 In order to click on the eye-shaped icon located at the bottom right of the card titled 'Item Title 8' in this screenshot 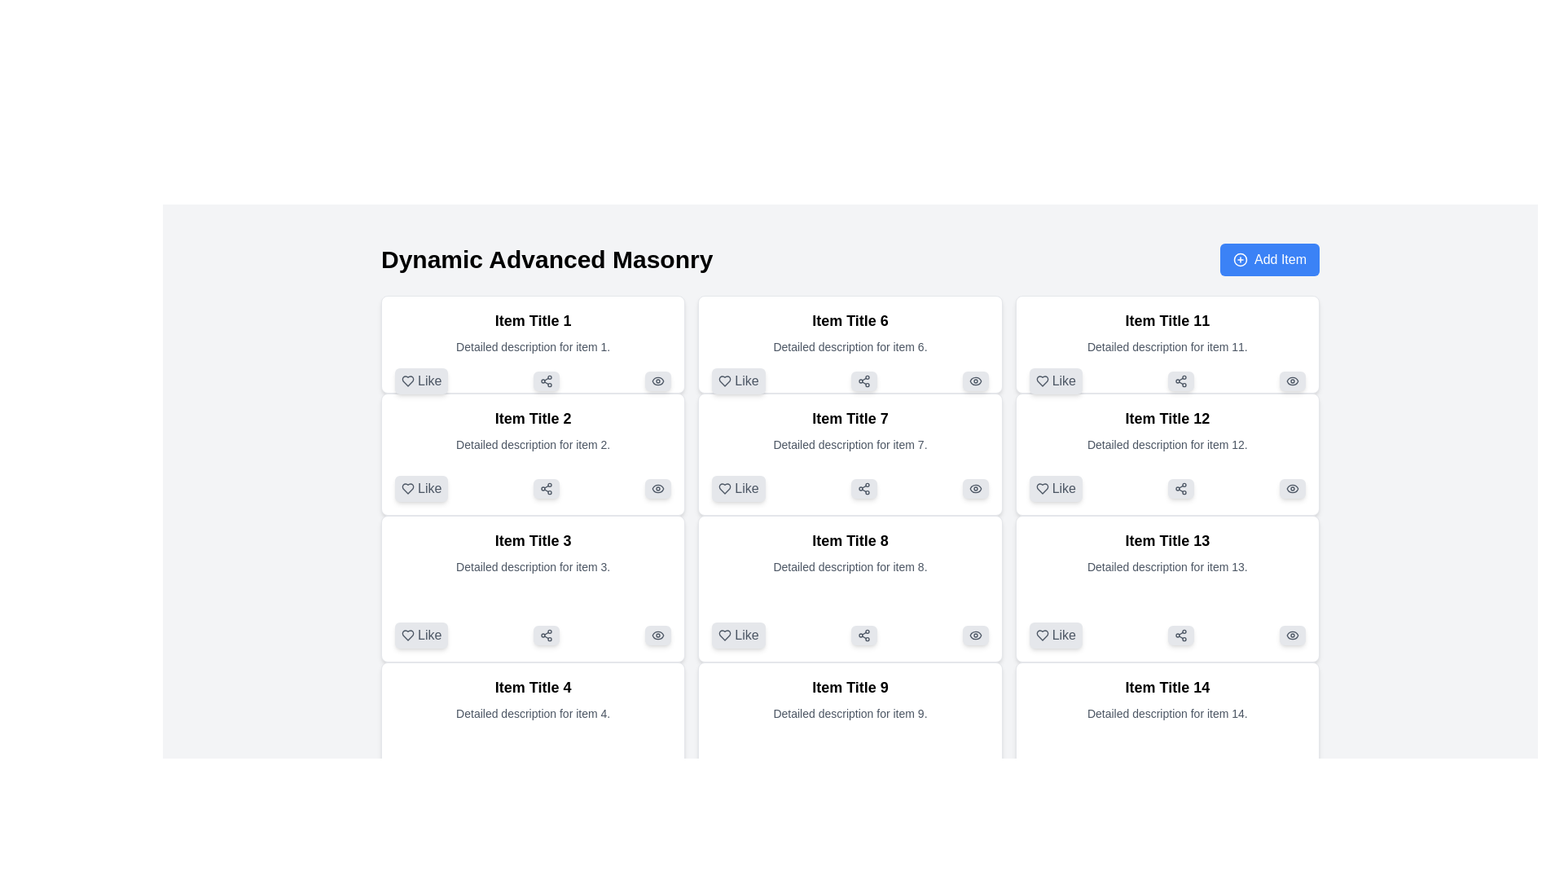, I will do `click(975, 634)`.